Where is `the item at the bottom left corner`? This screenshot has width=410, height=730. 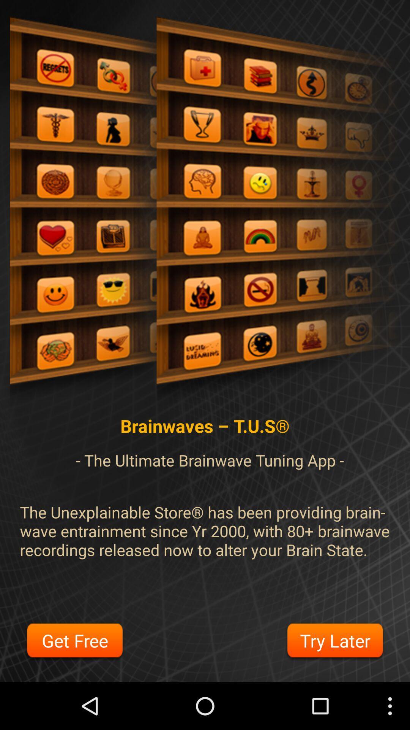 the item at the bottom left corner is located at coordinates (75, 642).